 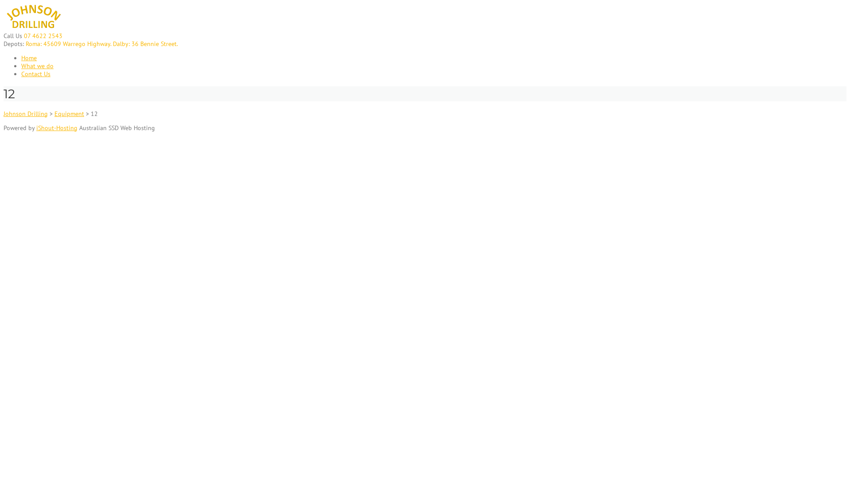 What do you see at coordinates (33, 27) in the screenshot?
I see `'Johnson Drilling'` at bounding box center [33, 27].